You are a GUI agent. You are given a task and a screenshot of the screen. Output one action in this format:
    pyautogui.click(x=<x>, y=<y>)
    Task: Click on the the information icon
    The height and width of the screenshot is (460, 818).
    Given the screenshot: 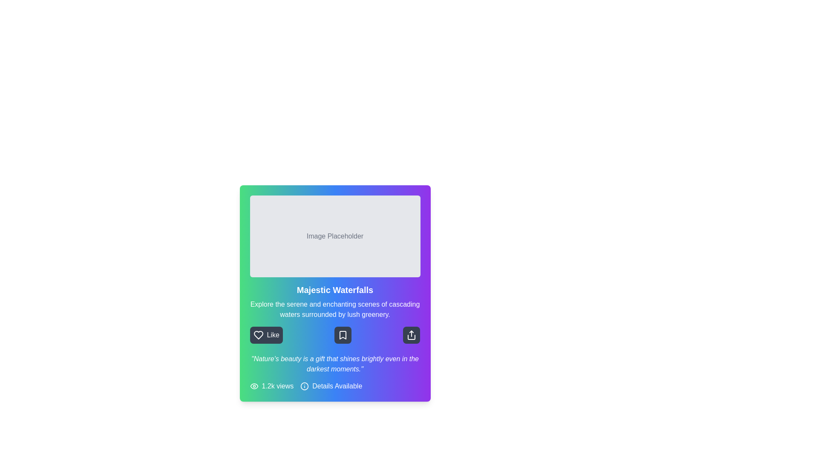 What is the action you would take?
    pyautogui.click(x=305, y=386)
    